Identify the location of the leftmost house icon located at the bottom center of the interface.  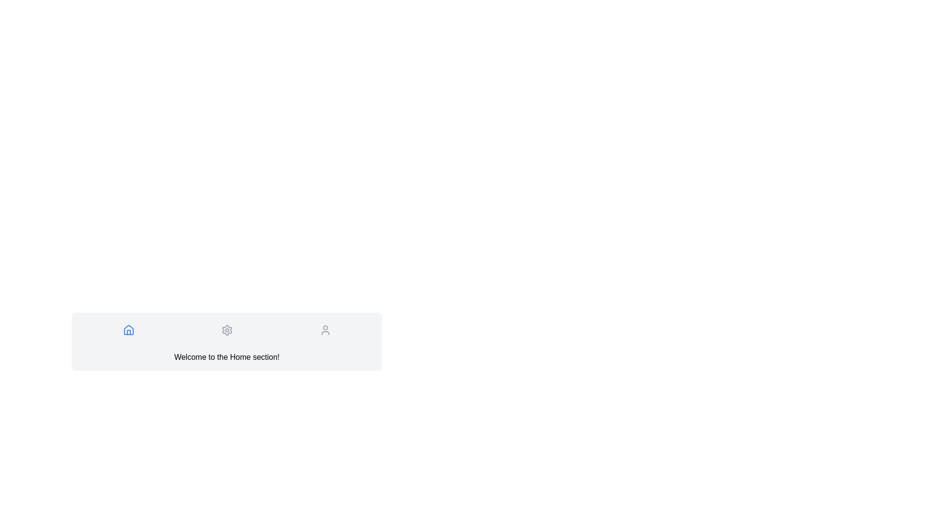
(128, 332).